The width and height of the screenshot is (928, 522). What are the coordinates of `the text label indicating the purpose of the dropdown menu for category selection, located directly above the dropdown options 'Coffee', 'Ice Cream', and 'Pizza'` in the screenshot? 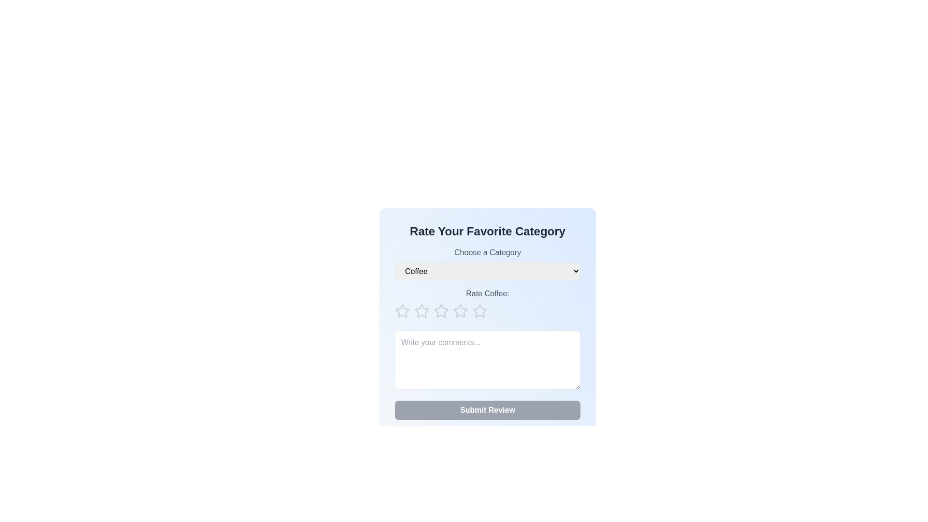 It's located at (487, 252).